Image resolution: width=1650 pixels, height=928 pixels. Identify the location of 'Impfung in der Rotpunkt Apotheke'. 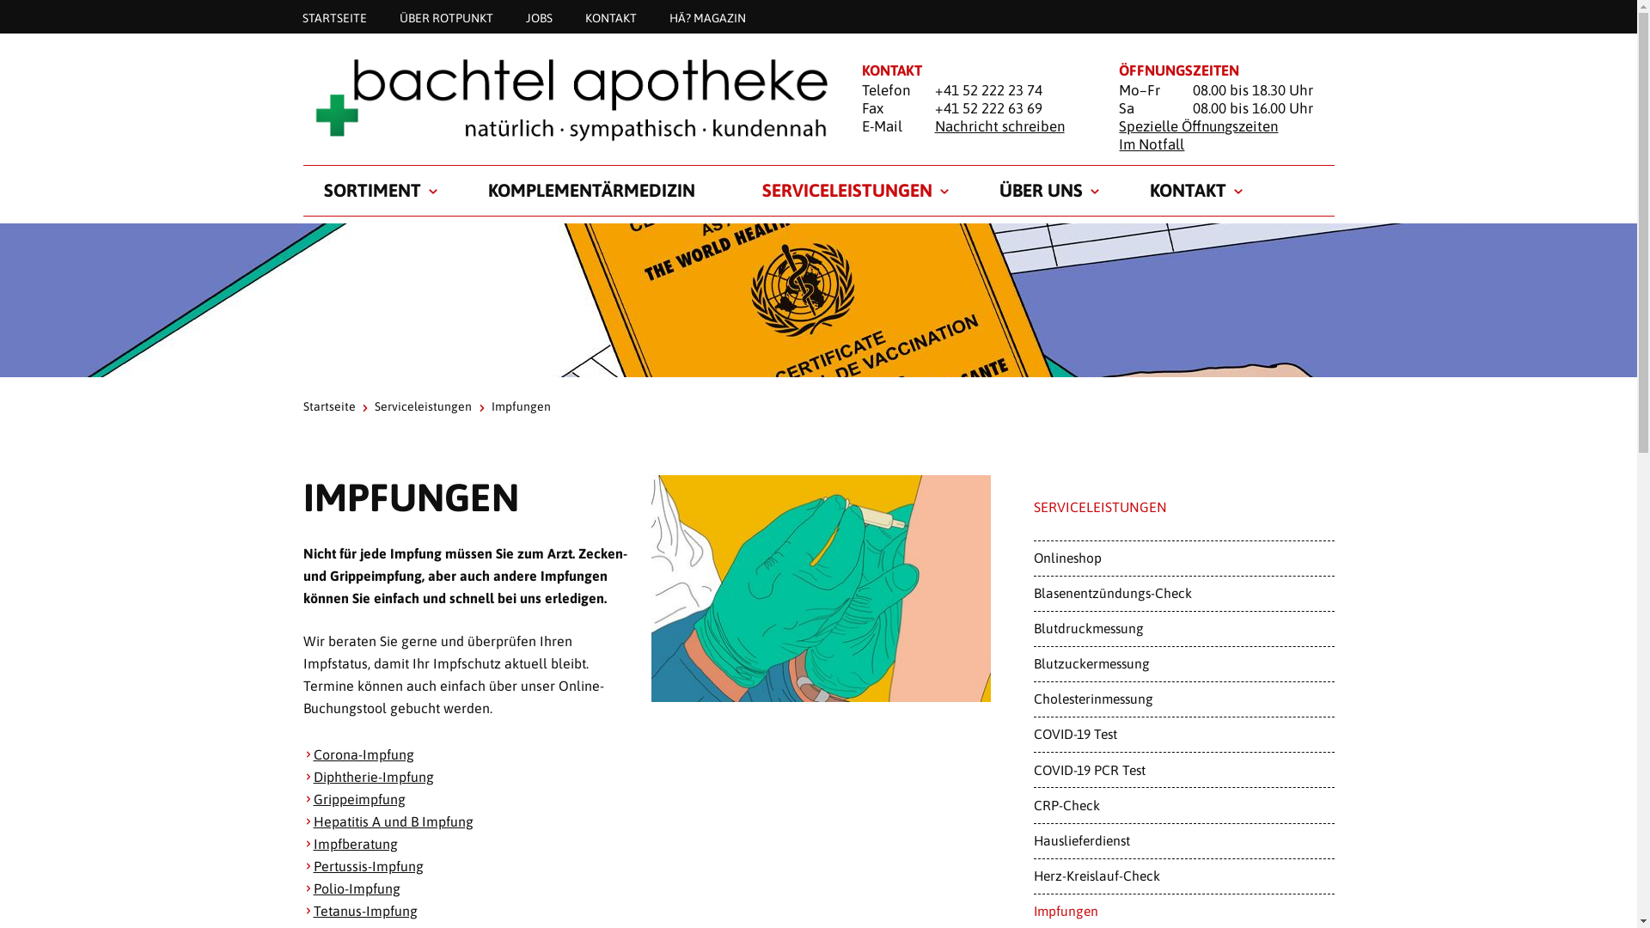
(820, 588).